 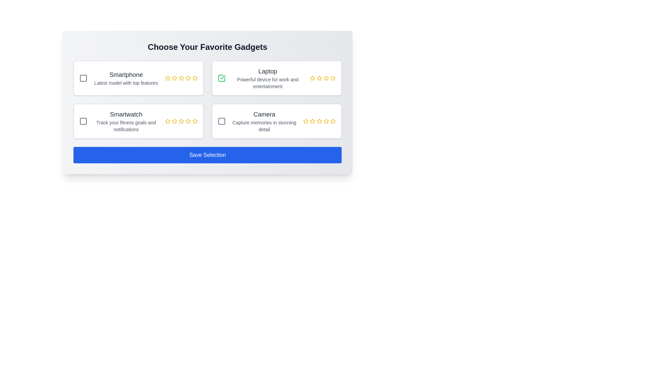 I want to click on the yellow outlined star icon used for rating, which is the second icon in a row of five stars located under the 'Smartwatch' category in the bottom left section of the content layout, so click(x=174, y=121).